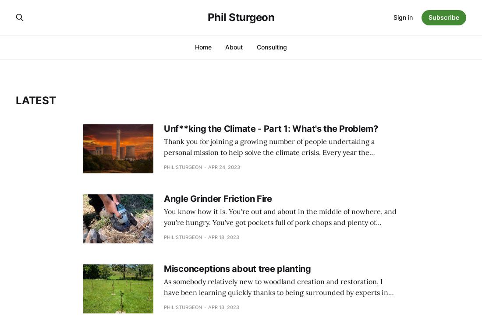  What do you see at coordinates (234, 46) in the screenshot?
I see `'About'` at bounding box center [234, 46].